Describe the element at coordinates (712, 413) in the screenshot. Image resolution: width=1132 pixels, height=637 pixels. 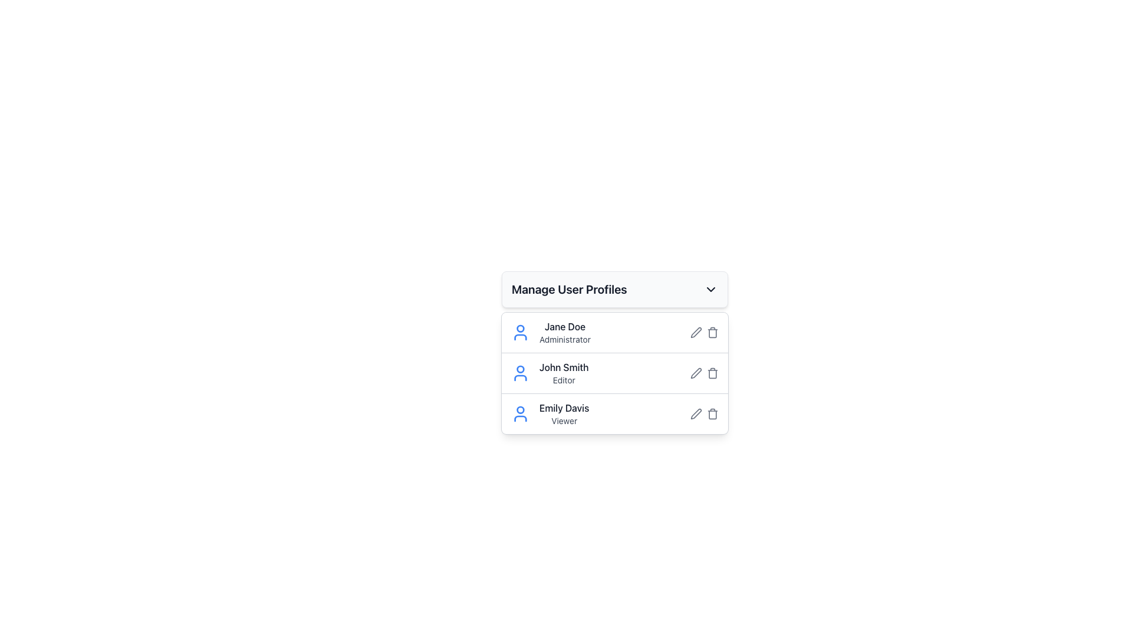
I see `the trash bin icon SVG element` at that location.